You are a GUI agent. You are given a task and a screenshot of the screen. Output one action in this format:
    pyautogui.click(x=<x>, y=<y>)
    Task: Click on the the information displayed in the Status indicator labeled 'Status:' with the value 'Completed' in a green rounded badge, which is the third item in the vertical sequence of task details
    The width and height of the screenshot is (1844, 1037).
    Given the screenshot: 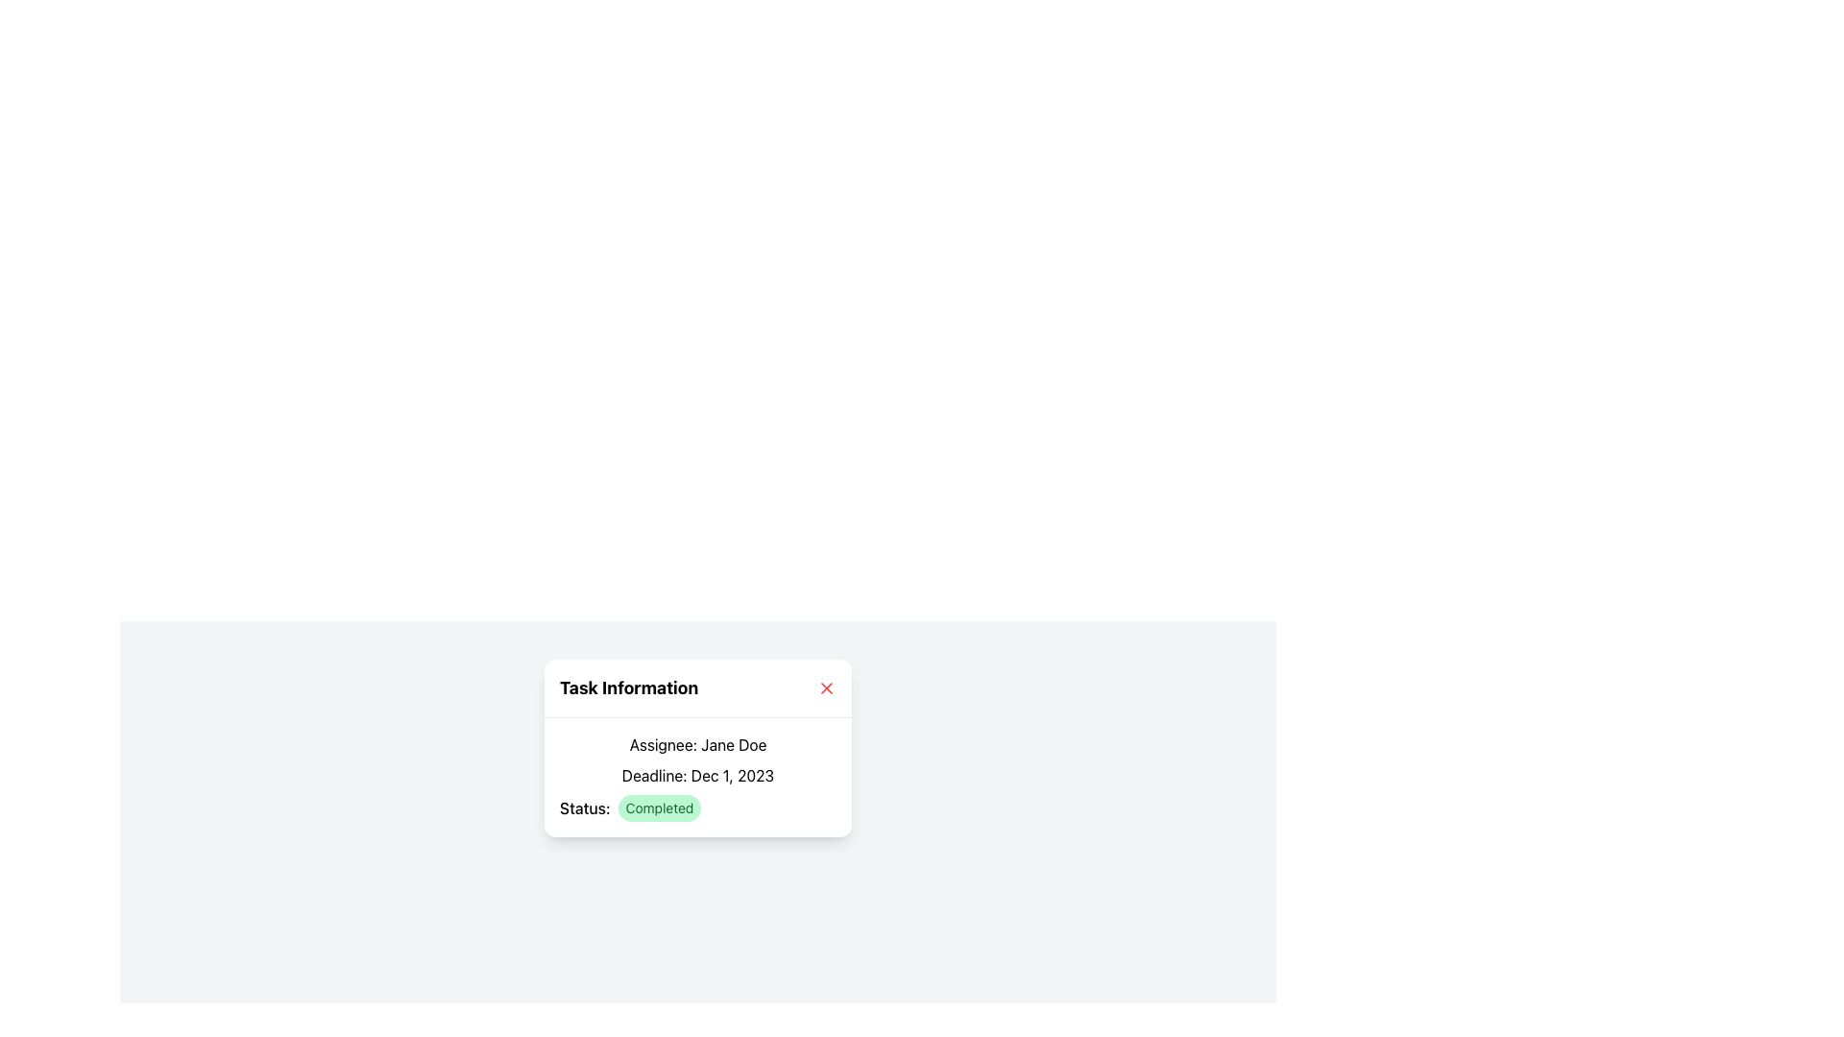 What is the action you would take?
    pyautogui.click(x=696, y=808)
    